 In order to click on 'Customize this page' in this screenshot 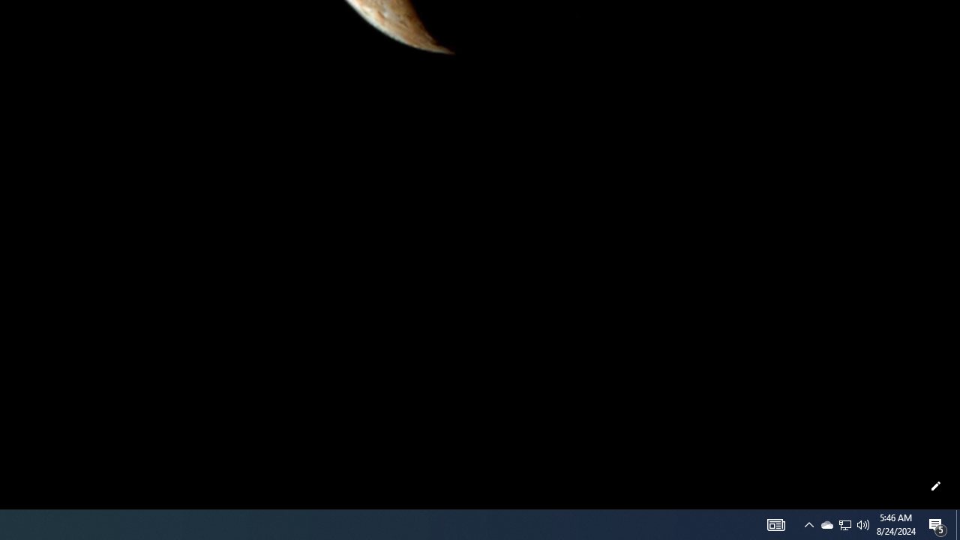, I will do `click(935, 486)`.